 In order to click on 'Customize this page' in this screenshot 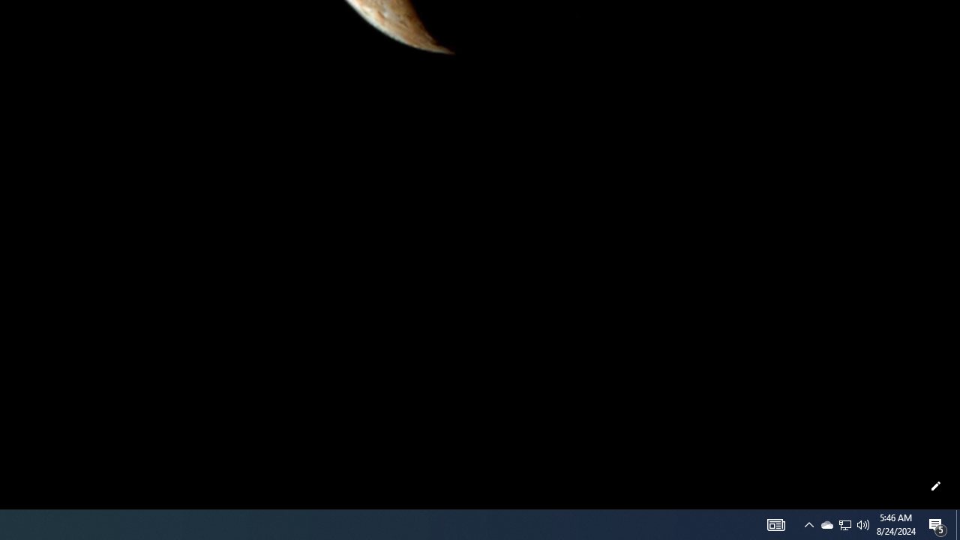, I will do `click(935, 486)`.